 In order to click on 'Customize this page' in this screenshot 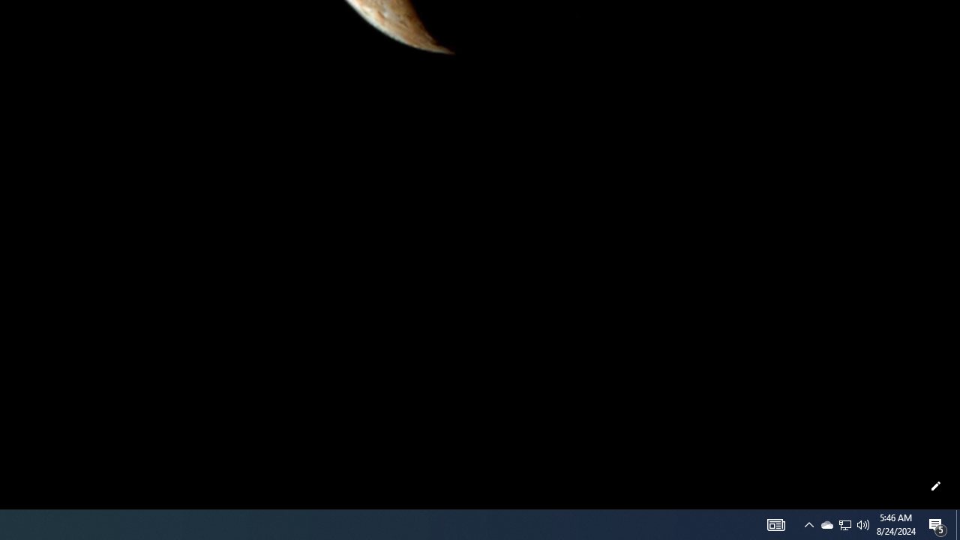, I will do `click(935, 486)`.